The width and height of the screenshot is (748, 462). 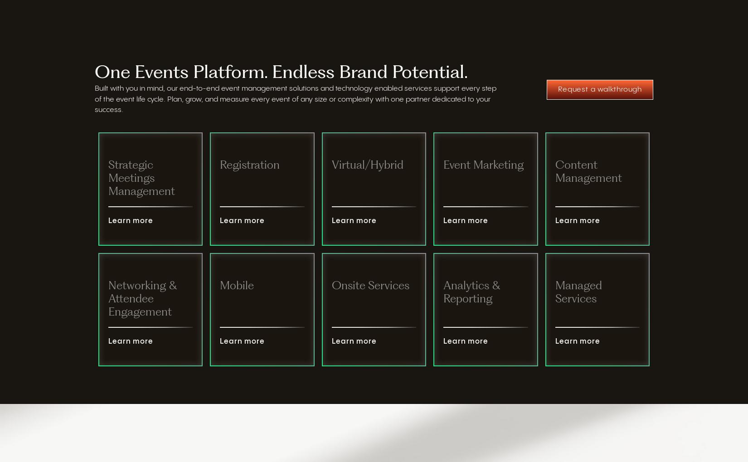 What do you see at coordinates (236, 286) in the screenshot?
I see `'Mobile'` at bounding box center [236, 286].